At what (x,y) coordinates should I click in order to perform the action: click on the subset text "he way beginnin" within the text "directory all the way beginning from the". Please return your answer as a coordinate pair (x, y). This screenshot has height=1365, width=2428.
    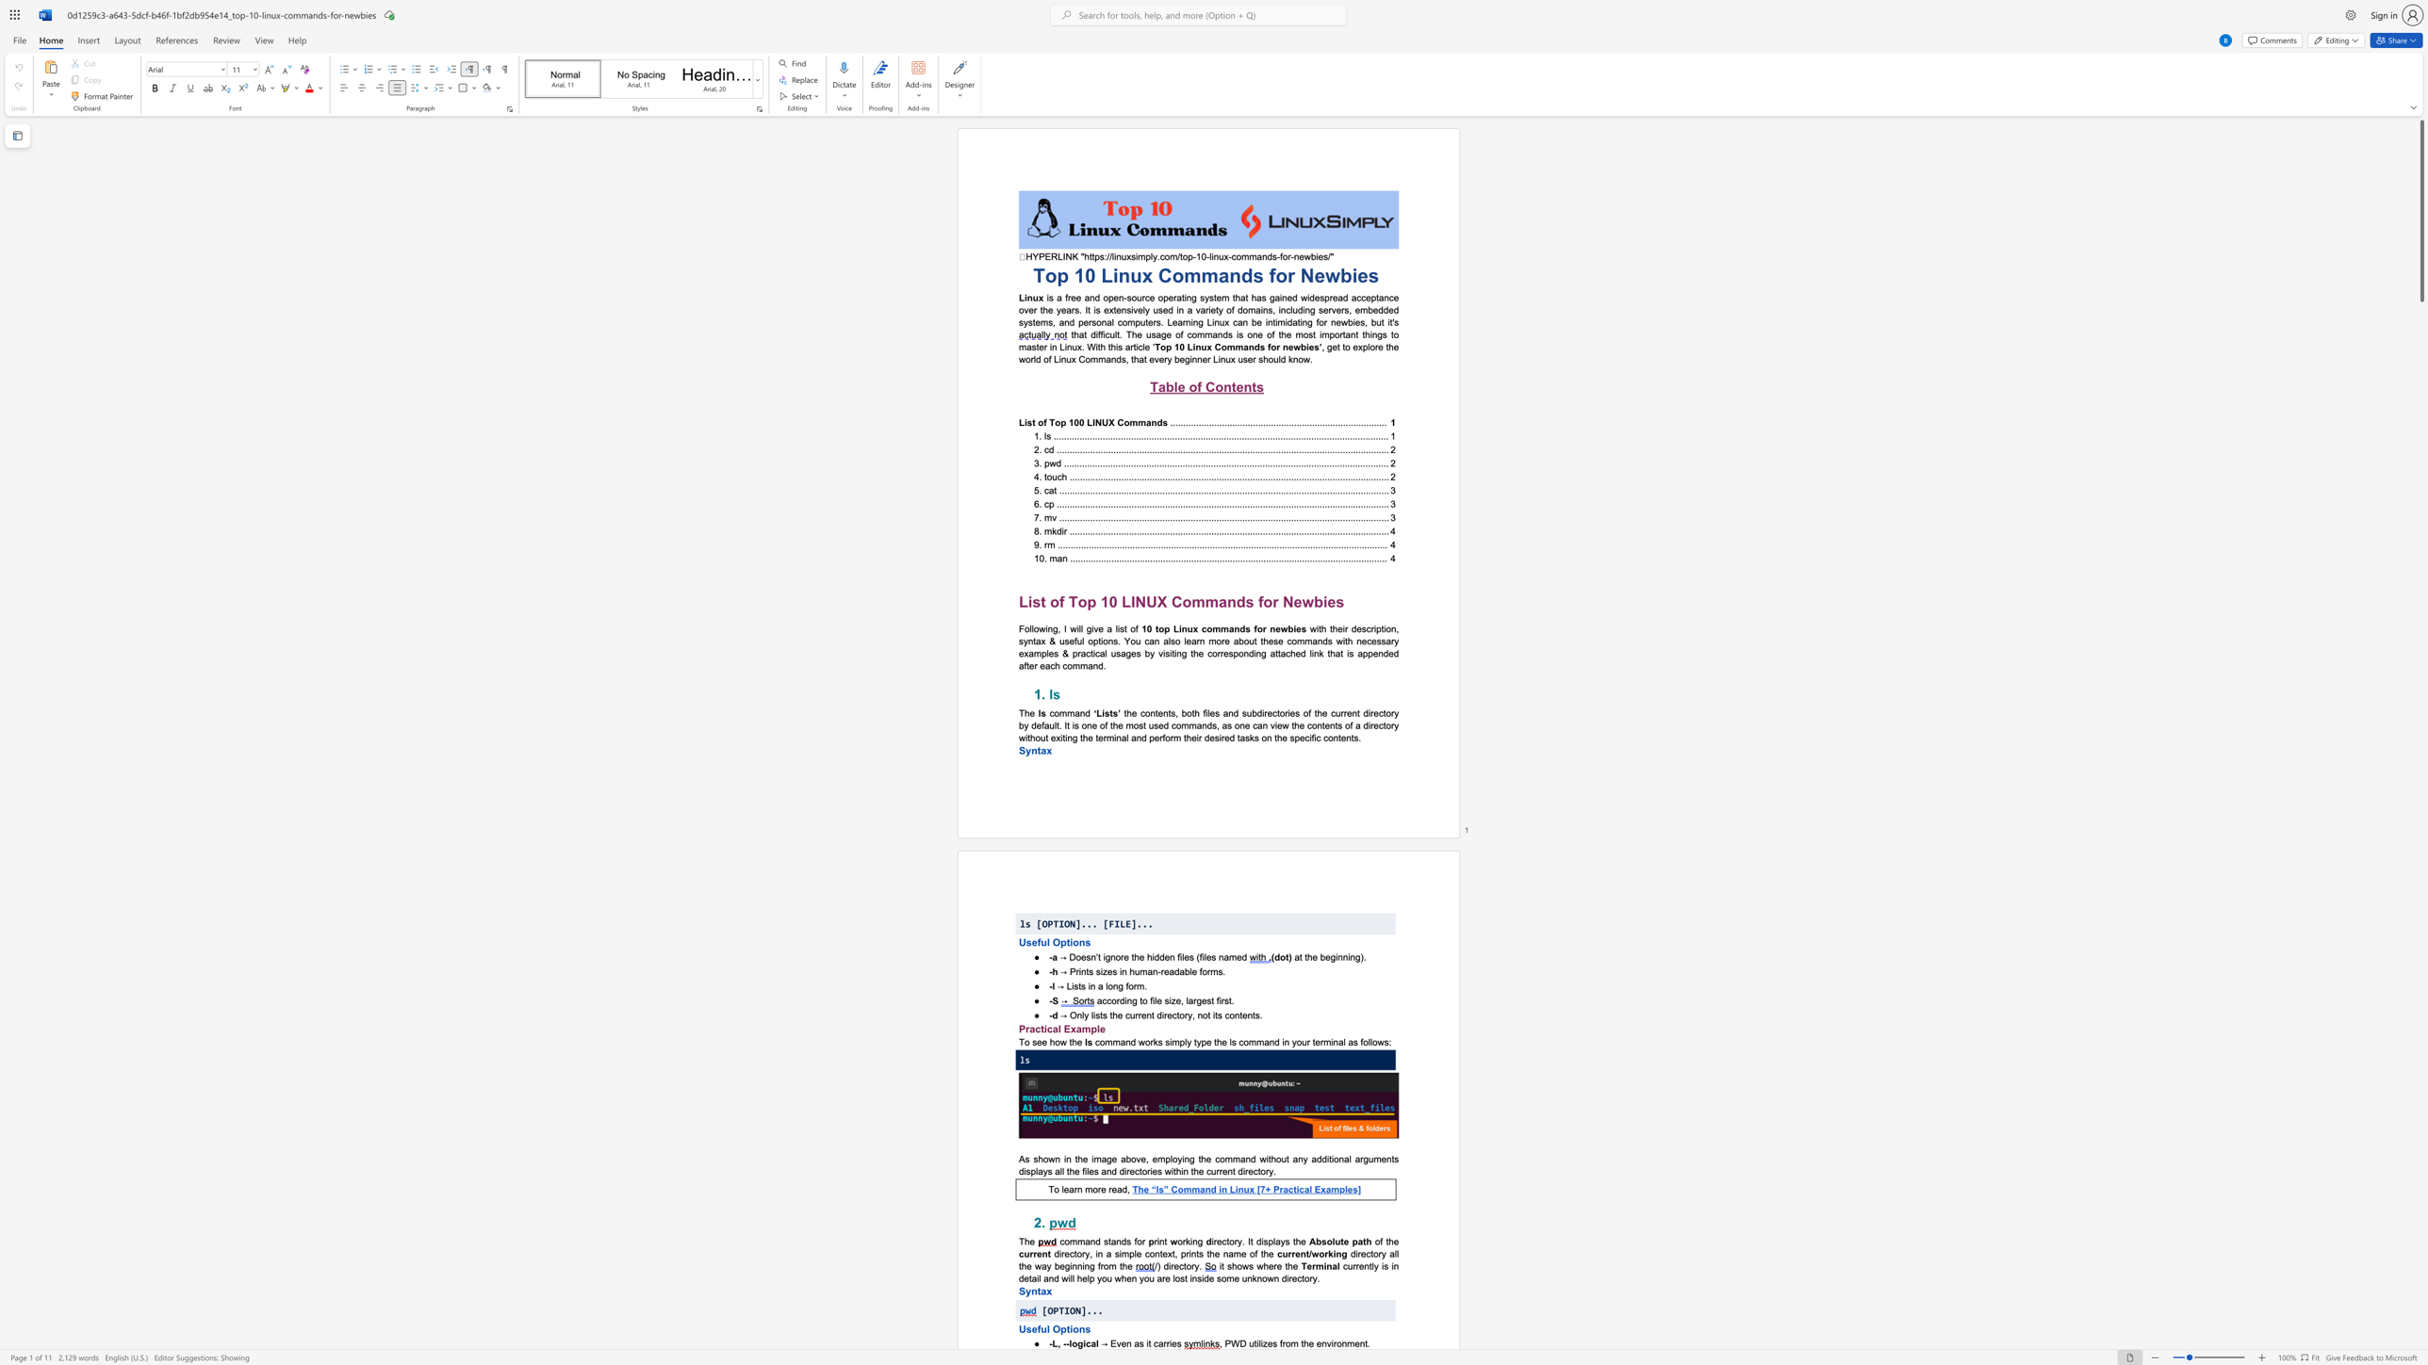
    Looking at the image, I should click on (1021, 1265).